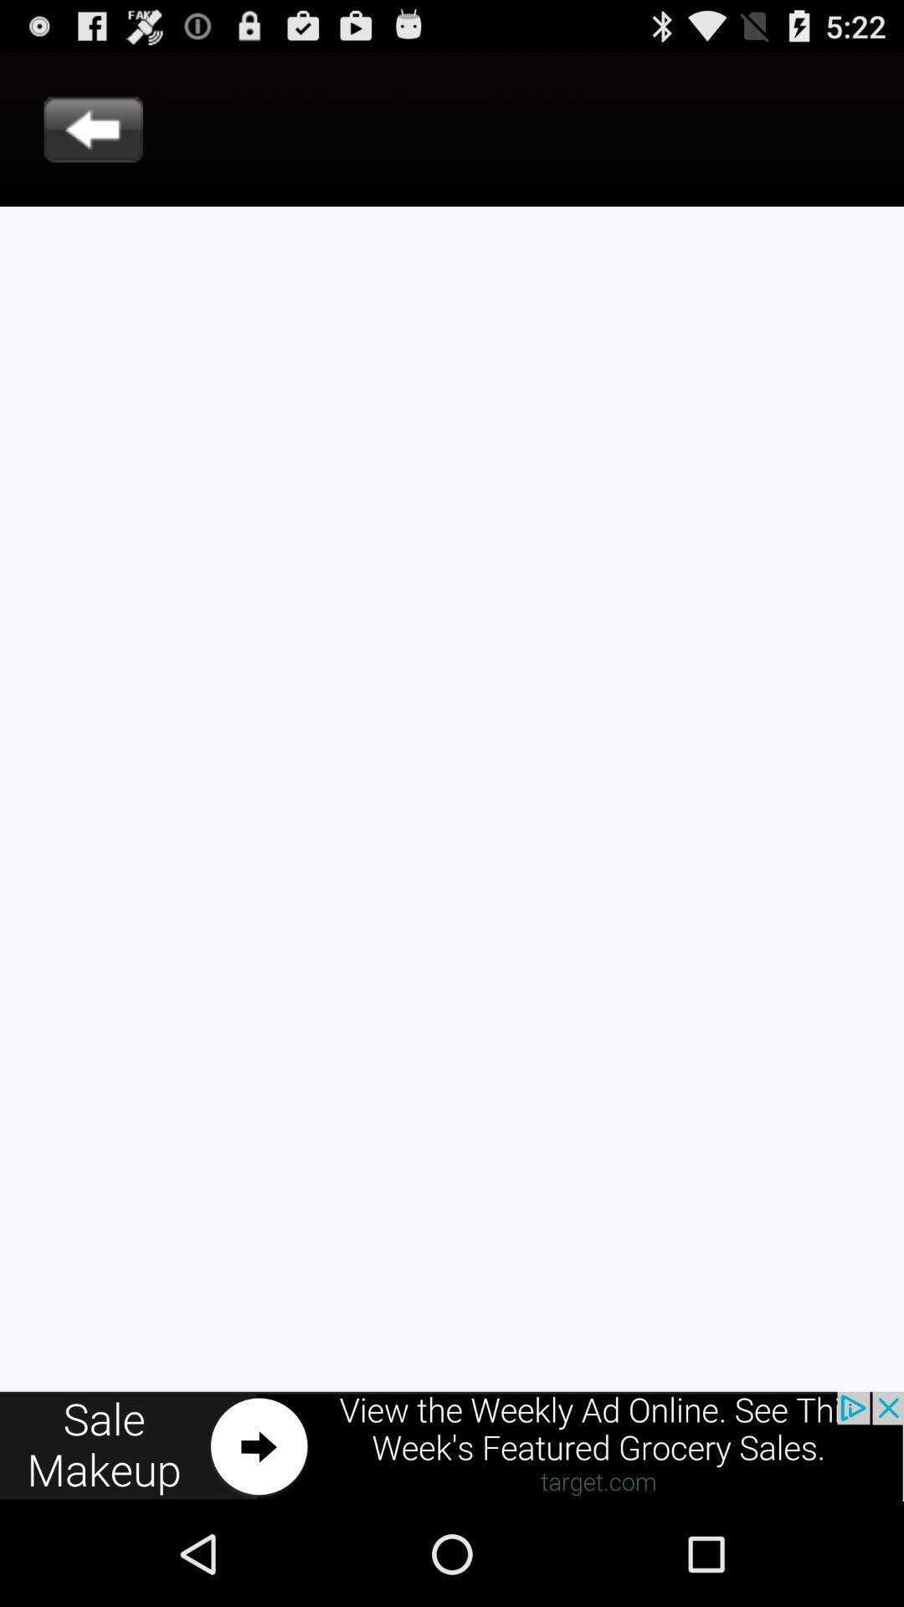 The width and height of the screenshot is (904, 1607). I want to click on the arrow_backward icon, so click(93, 138).